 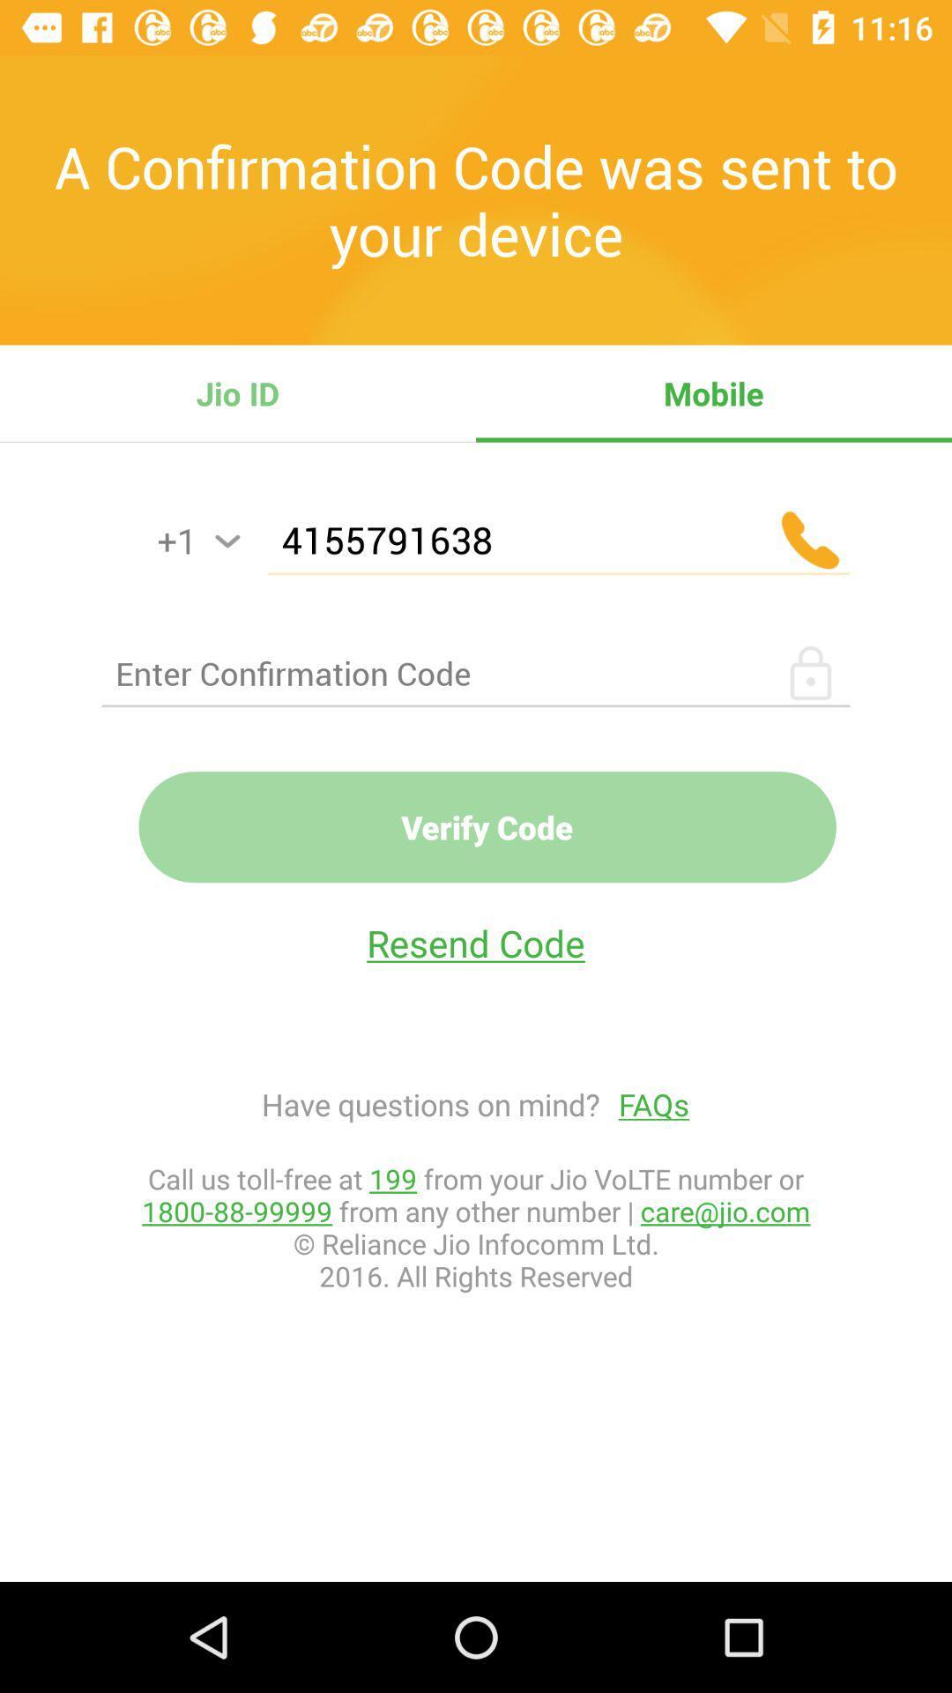 I want to click on the item next to the have questions on icon, so click(x=644, y=1103).